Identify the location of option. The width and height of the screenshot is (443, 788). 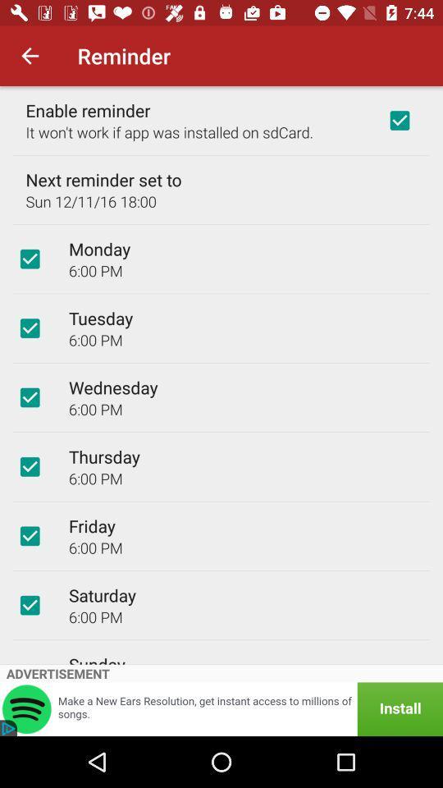
(30, 535).